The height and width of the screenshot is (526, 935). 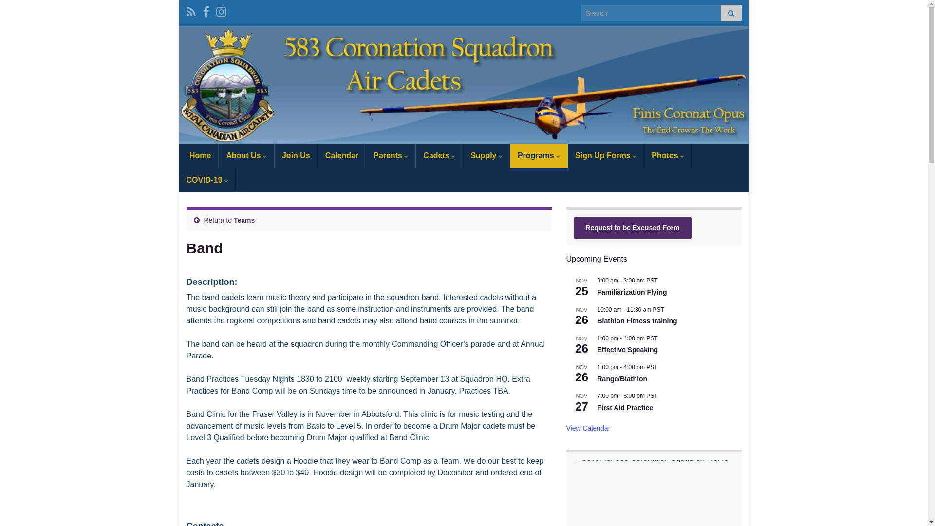 I want to click on 'Photos', so click(x=667, y=155).